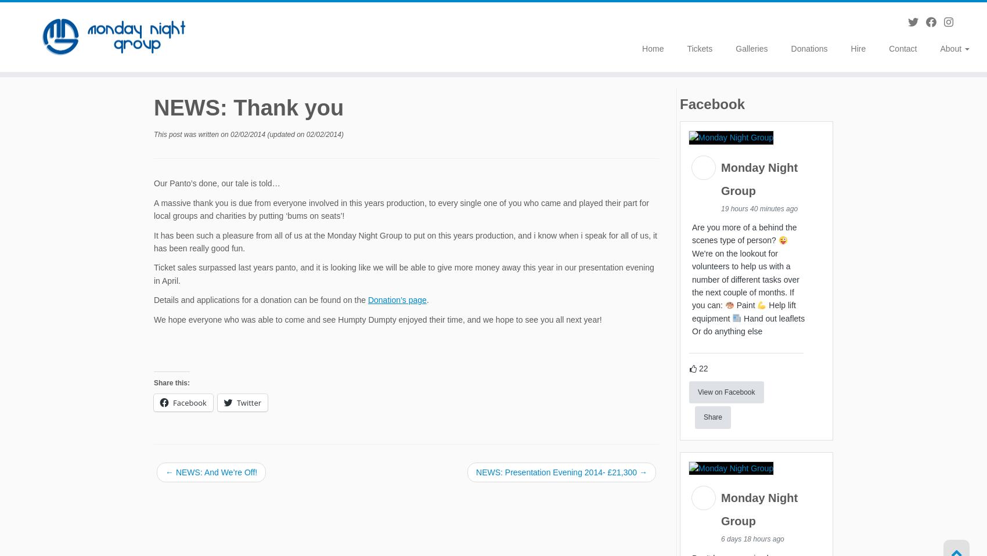 This screenshot has width=987, height=556. Describe the element at coordinates (744, 236) in the screenshot. I see `'Are you more of a behind the scenes type of person?'` at that location.